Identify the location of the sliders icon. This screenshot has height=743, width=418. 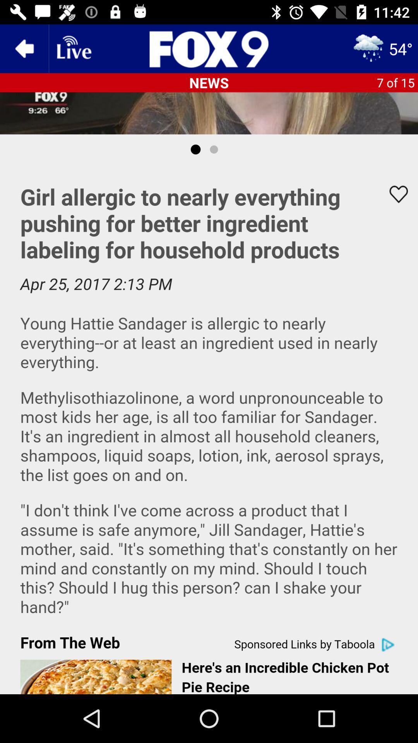
(209, 48).